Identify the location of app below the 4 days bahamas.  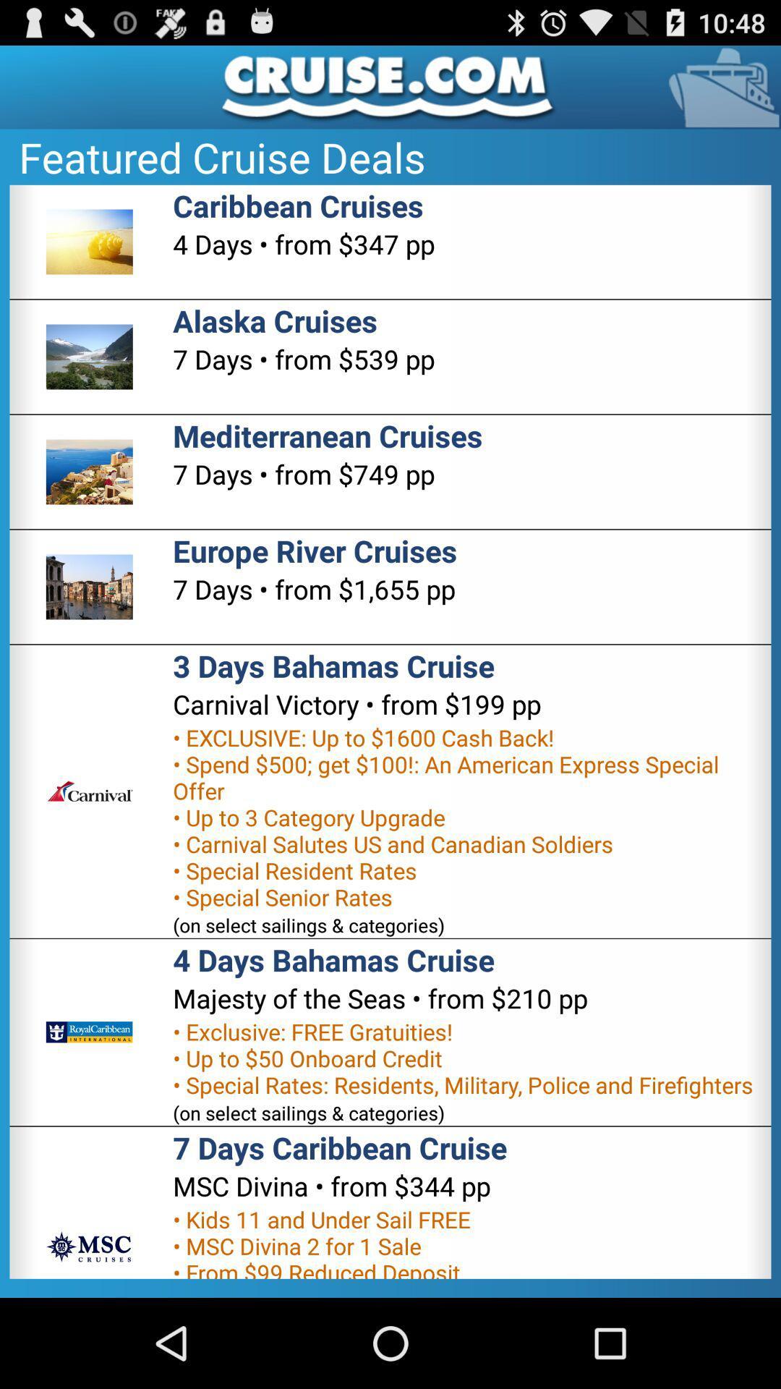
(380, 998).